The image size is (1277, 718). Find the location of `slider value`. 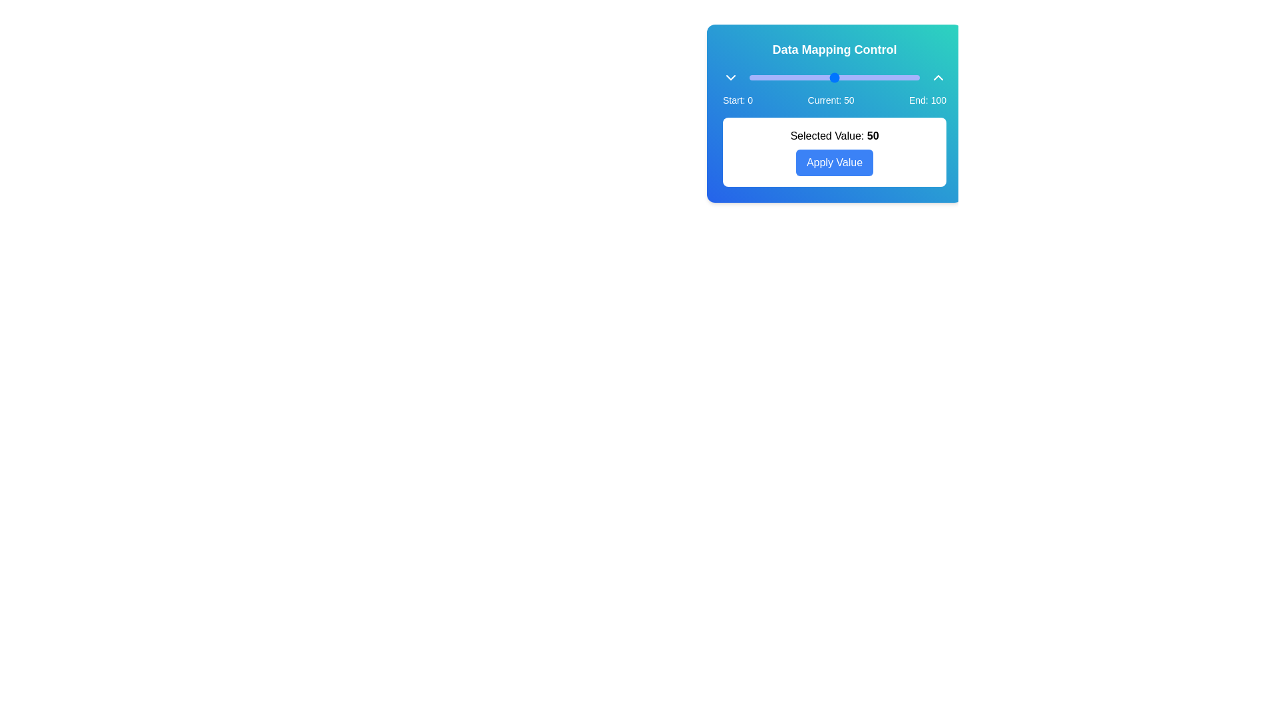

slider value is located at coordinates (798, 74).